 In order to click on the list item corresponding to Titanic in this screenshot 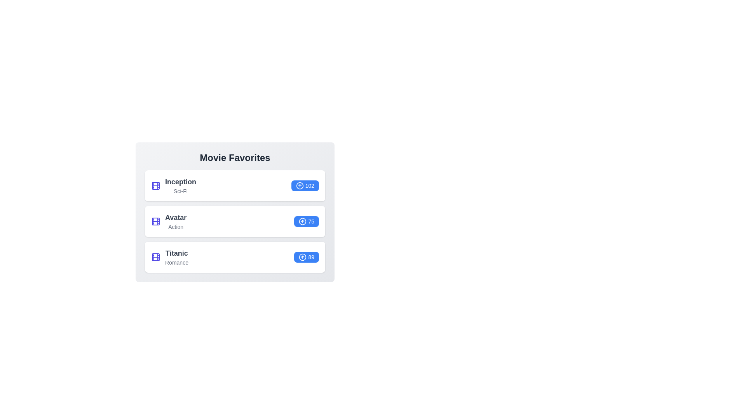, I will do `click(234, 257)`.